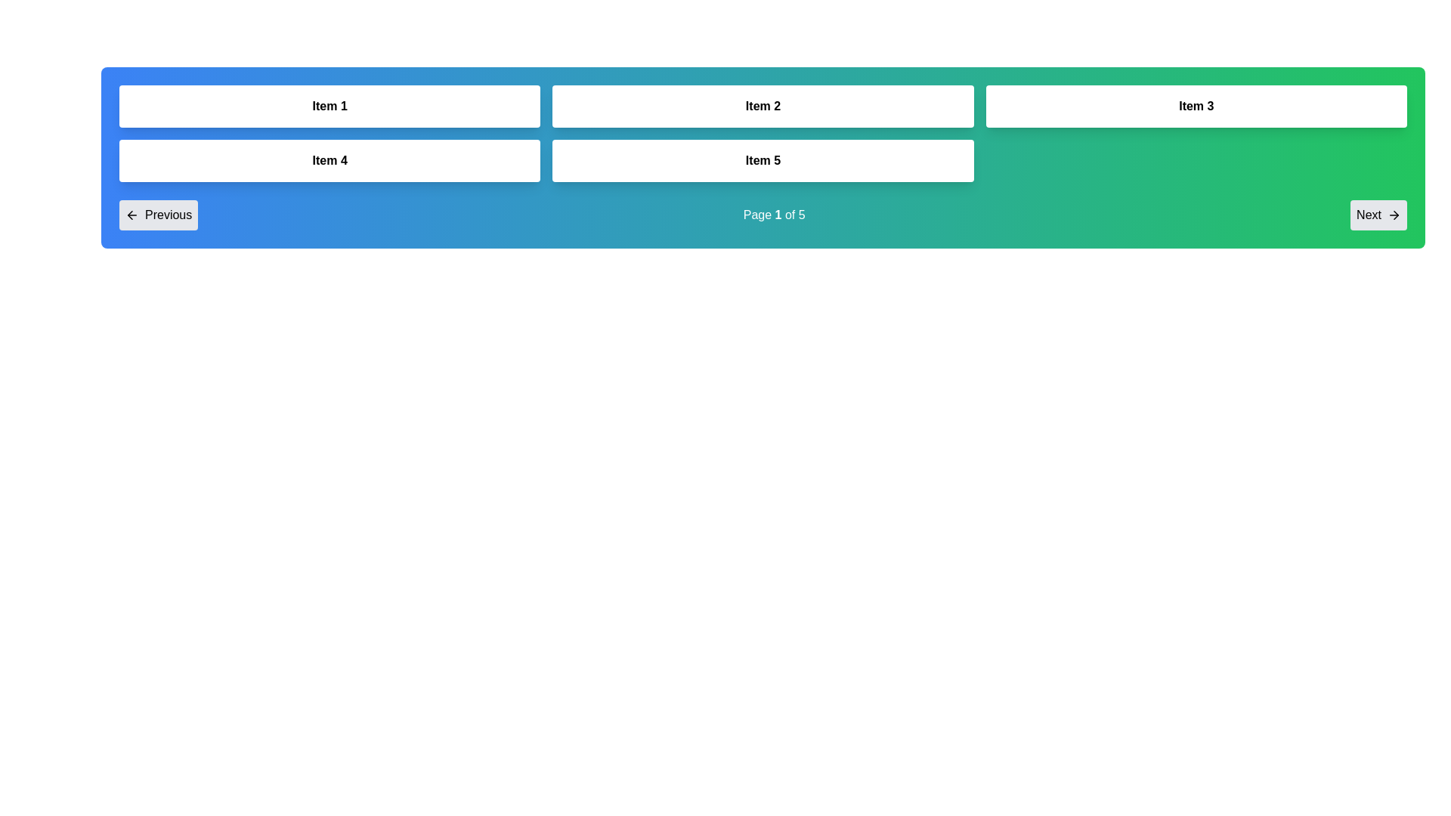  Describe the element at coordinates (763, 160) in the screenshot. I see `the card-style interactive element representing 'Item 5' in the grid` at that location.